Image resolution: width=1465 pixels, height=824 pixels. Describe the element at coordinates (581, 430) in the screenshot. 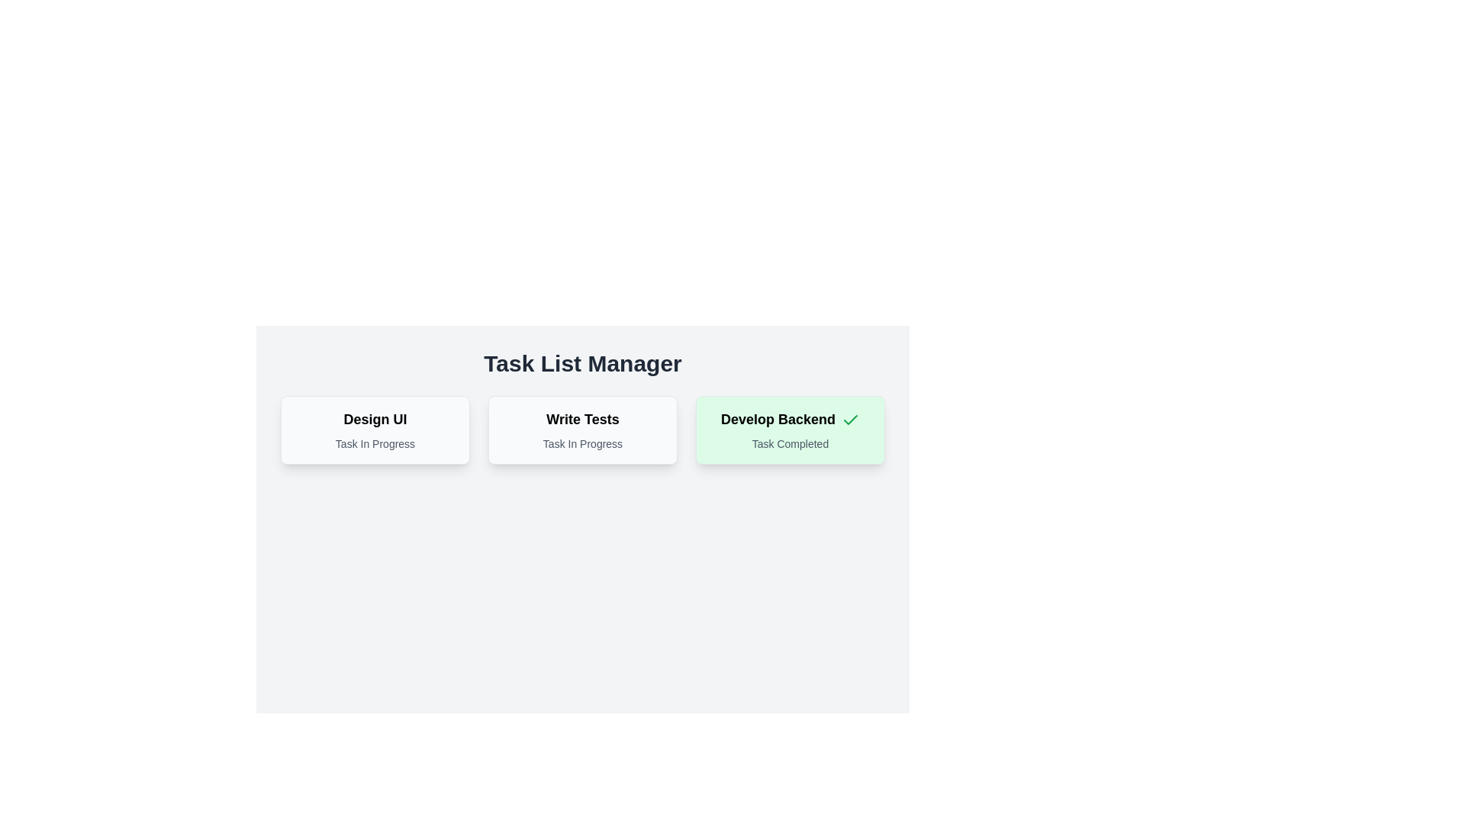

I see `the Information card which displays a task with a title and status, positioned centrally among three similar cards in a horizontal layout` at that location.